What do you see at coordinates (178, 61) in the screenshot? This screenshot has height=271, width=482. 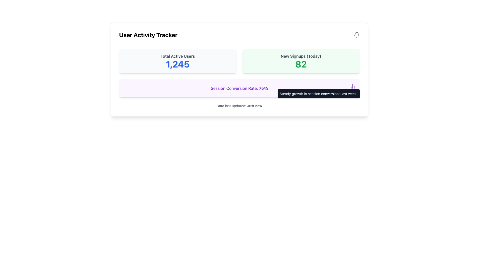 I see `the Informational Card that displays the total number of active users, located in the top-left segment of a grid layout` at bounding box center [178, 61].